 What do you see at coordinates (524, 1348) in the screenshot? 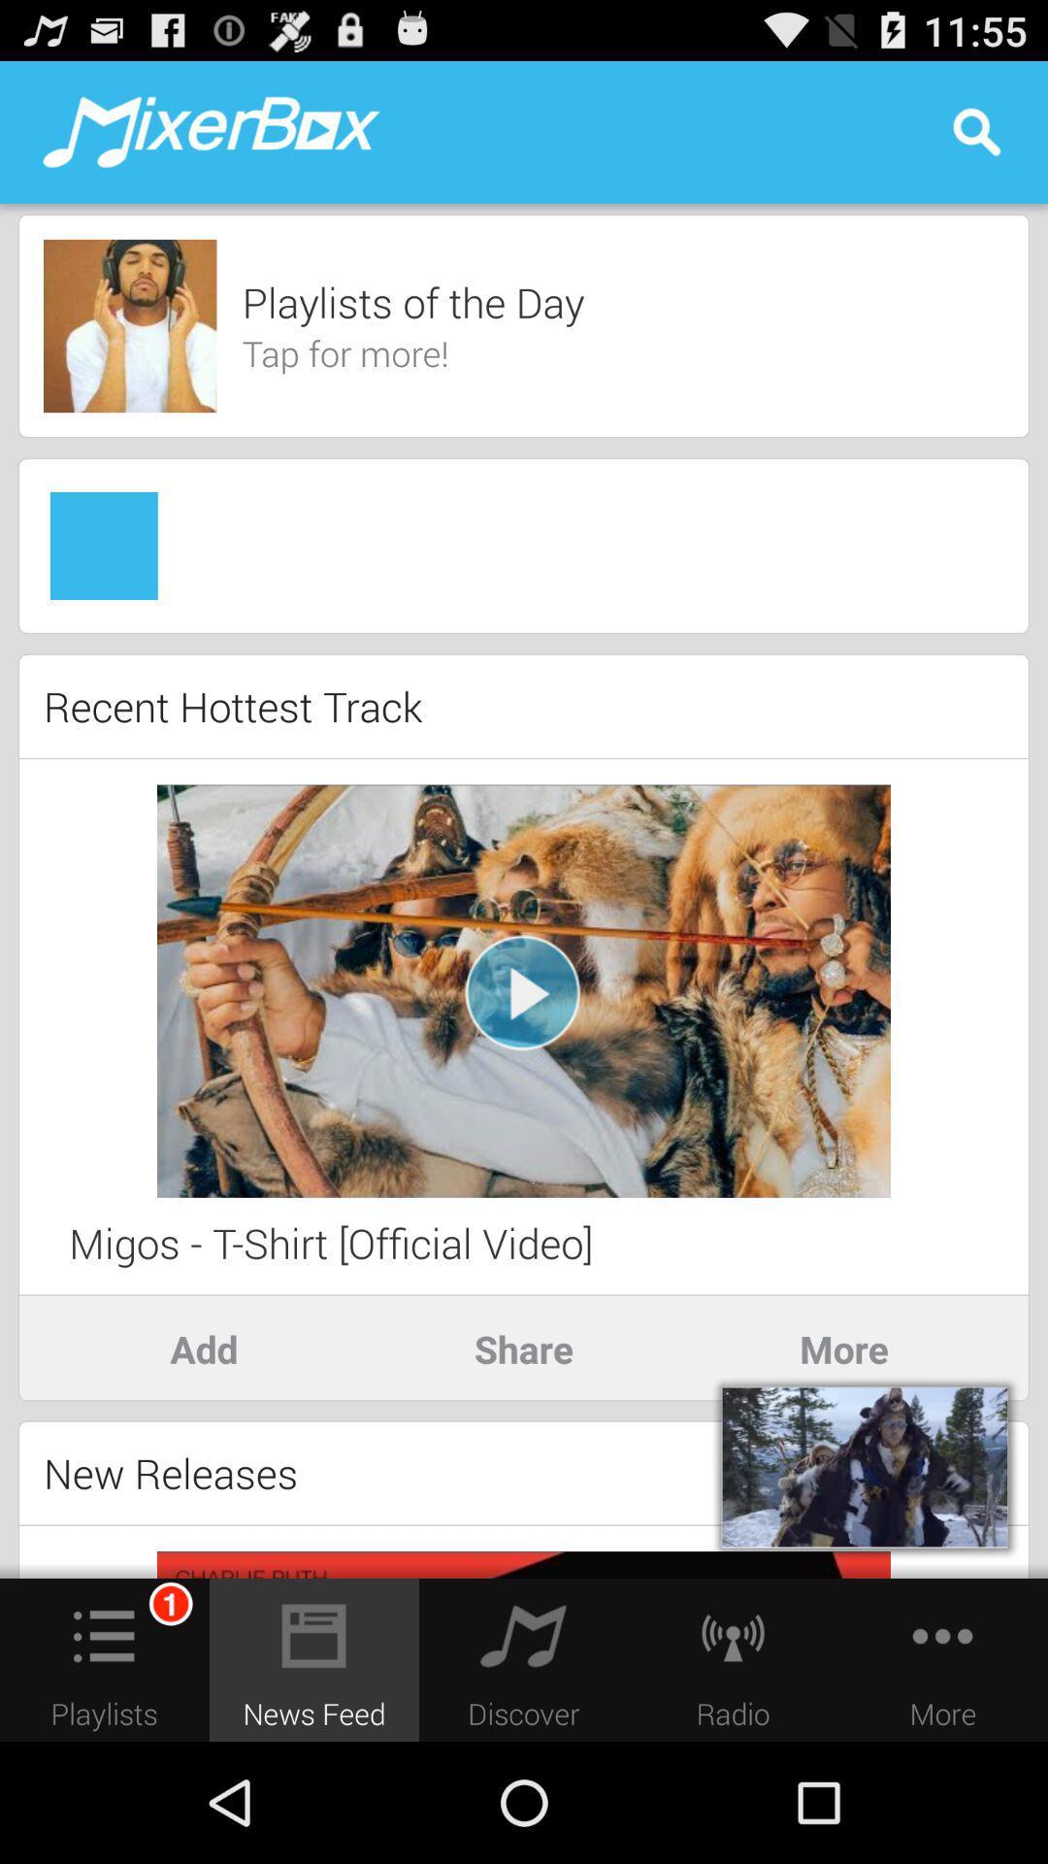
I see `the item to the right of add item` at bounding box center [524, 1348].